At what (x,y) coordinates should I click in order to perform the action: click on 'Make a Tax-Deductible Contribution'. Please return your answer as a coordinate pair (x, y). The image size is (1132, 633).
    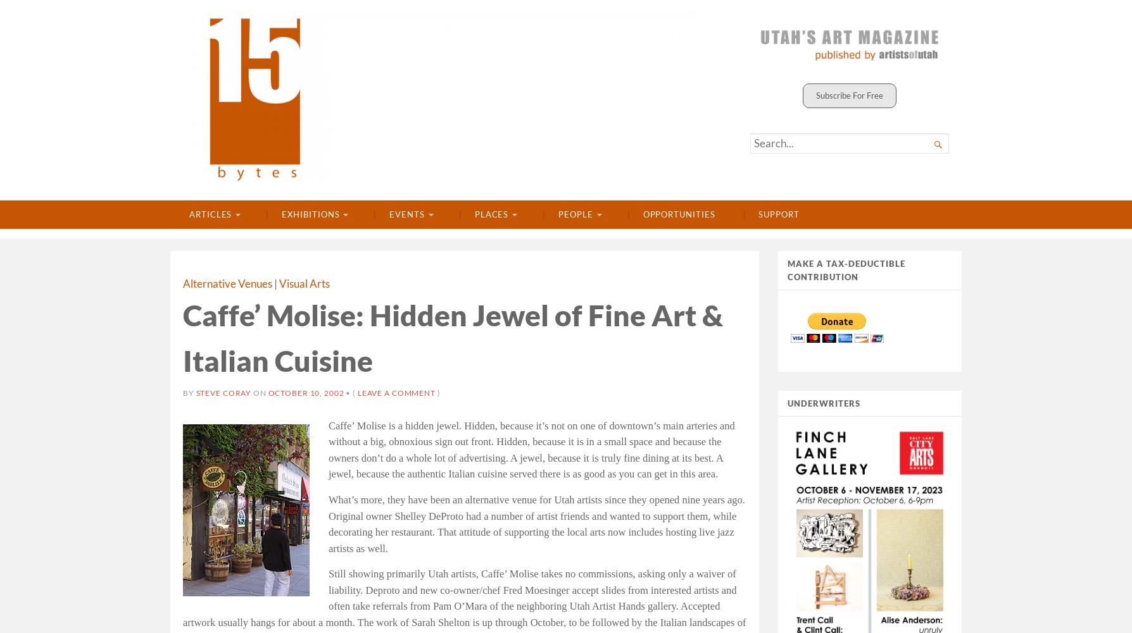
    Looking at the image, I should click on (846, 269).